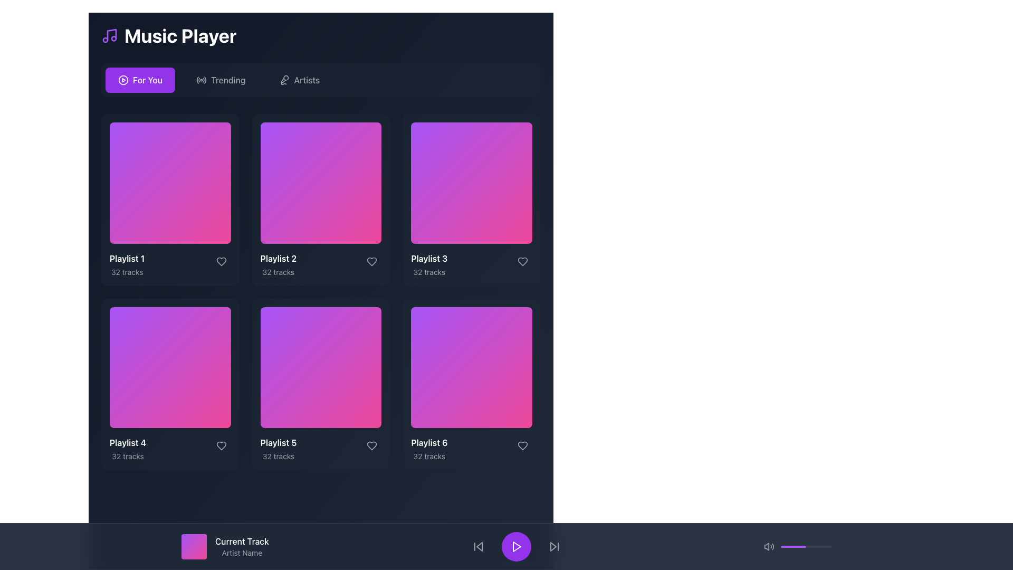  What do you see at coordinates (123, 79) in the screenshot?
I see `the circular play button with a triangular play icon inside, which is styled with a purple background and is located inside the 'For You' button at the top-left section of the user interface` at bounding box center [123, 79].